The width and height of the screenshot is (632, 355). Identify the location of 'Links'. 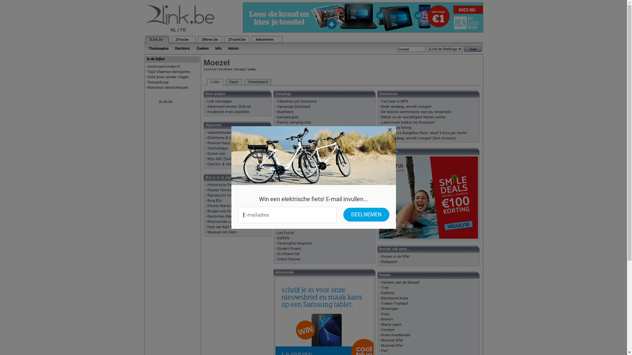
(215, 82).